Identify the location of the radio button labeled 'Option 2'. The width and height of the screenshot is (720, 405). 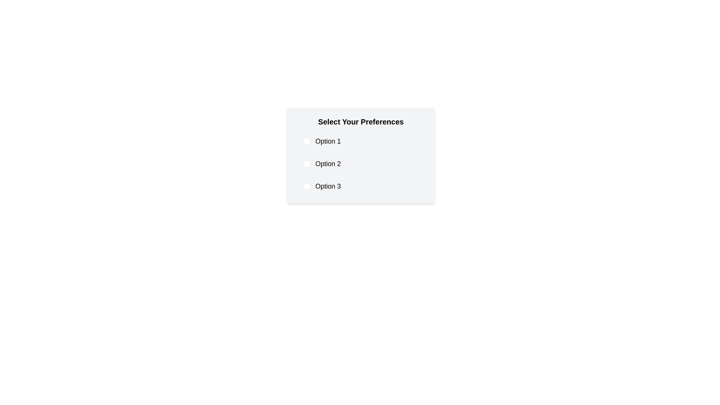
(361, 163).